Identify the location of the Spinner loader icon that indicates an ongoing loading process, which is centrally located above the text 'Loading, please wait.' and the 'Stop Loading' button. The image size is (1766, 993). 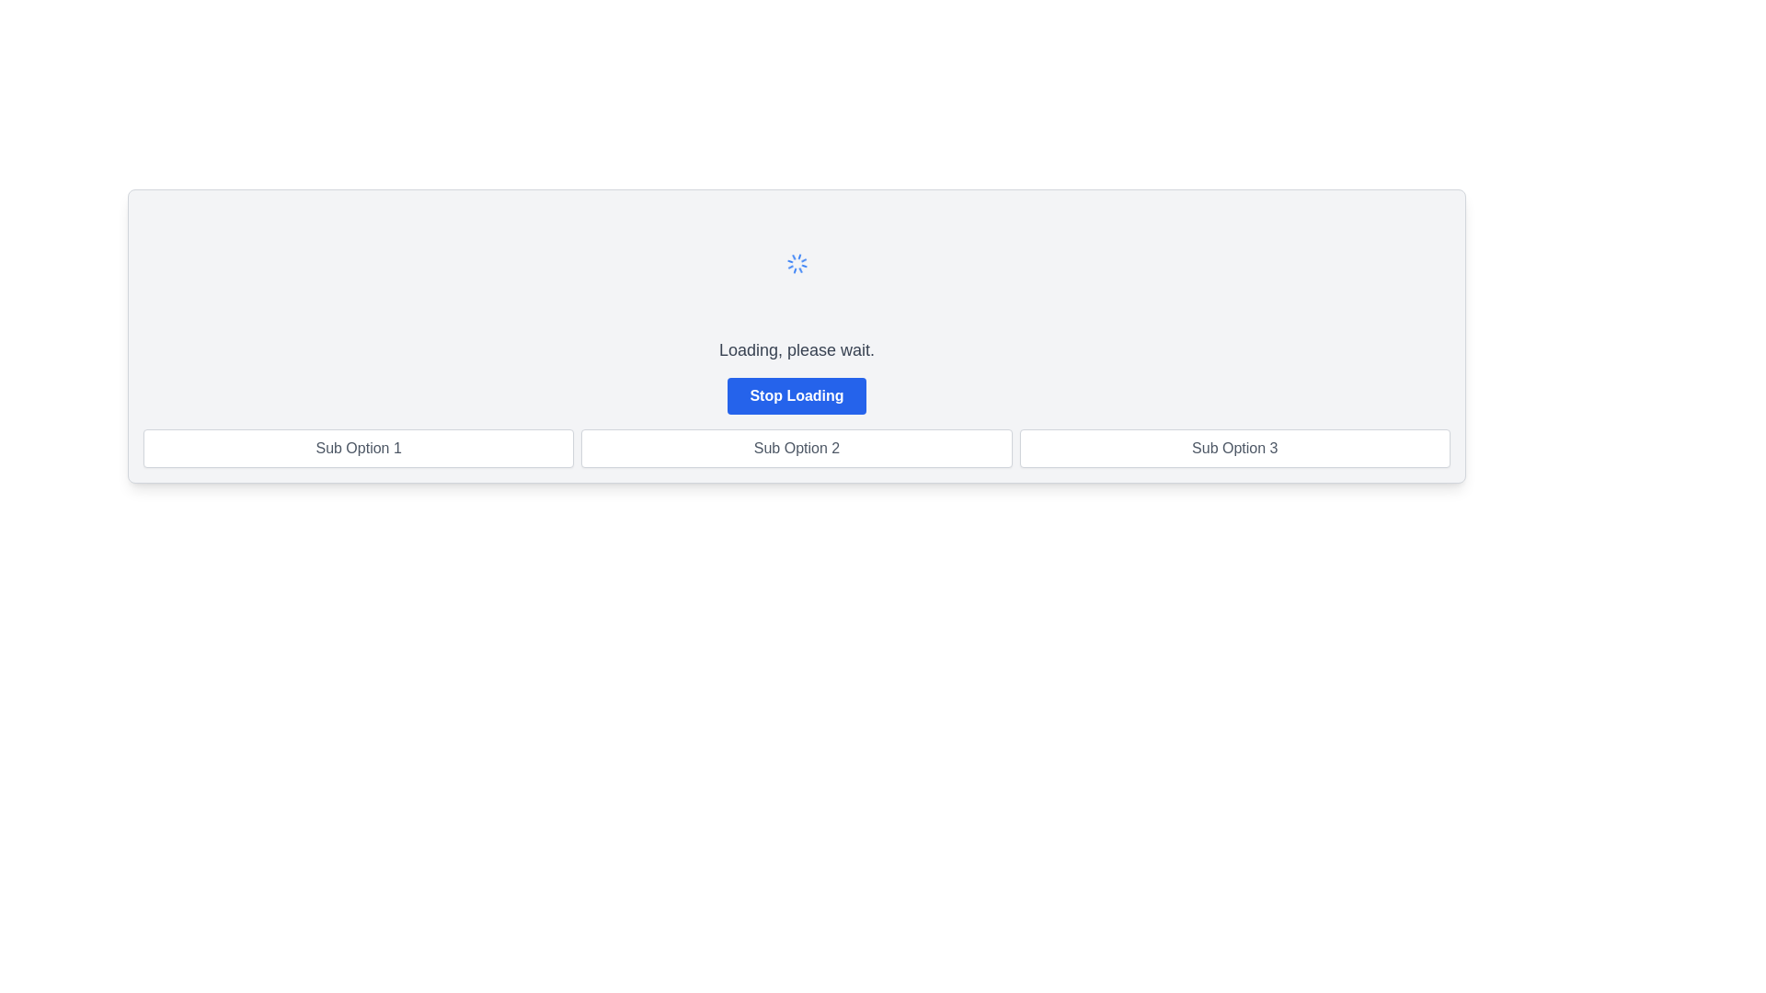
(797, 263).